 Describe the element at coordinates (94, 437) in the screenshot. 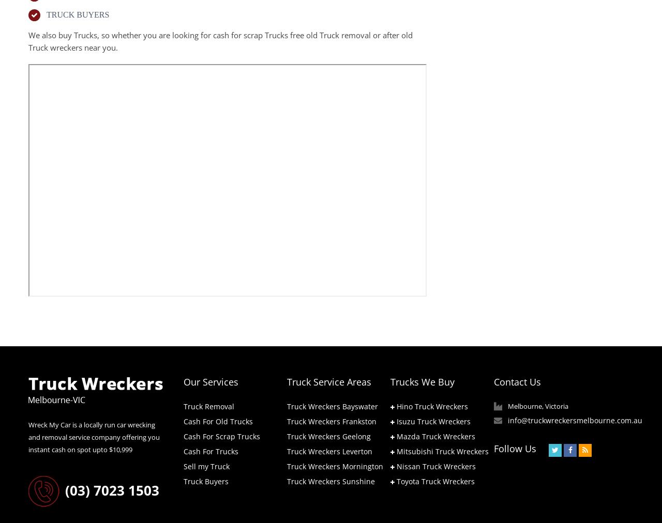

I see `'Wreck My Car is a locally run car wrecking and removal service company offering you instant cash on spot upto $10,999'` at that location.